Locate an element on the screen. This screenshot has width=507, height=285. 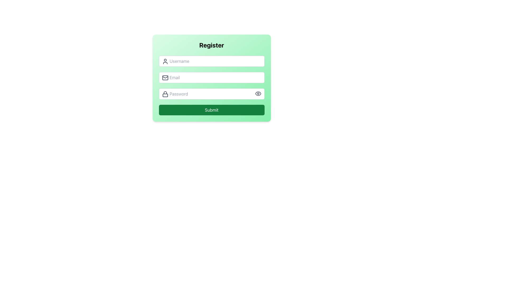
the eye icon at the right end of the password input field is located at coordinates (258, 93).